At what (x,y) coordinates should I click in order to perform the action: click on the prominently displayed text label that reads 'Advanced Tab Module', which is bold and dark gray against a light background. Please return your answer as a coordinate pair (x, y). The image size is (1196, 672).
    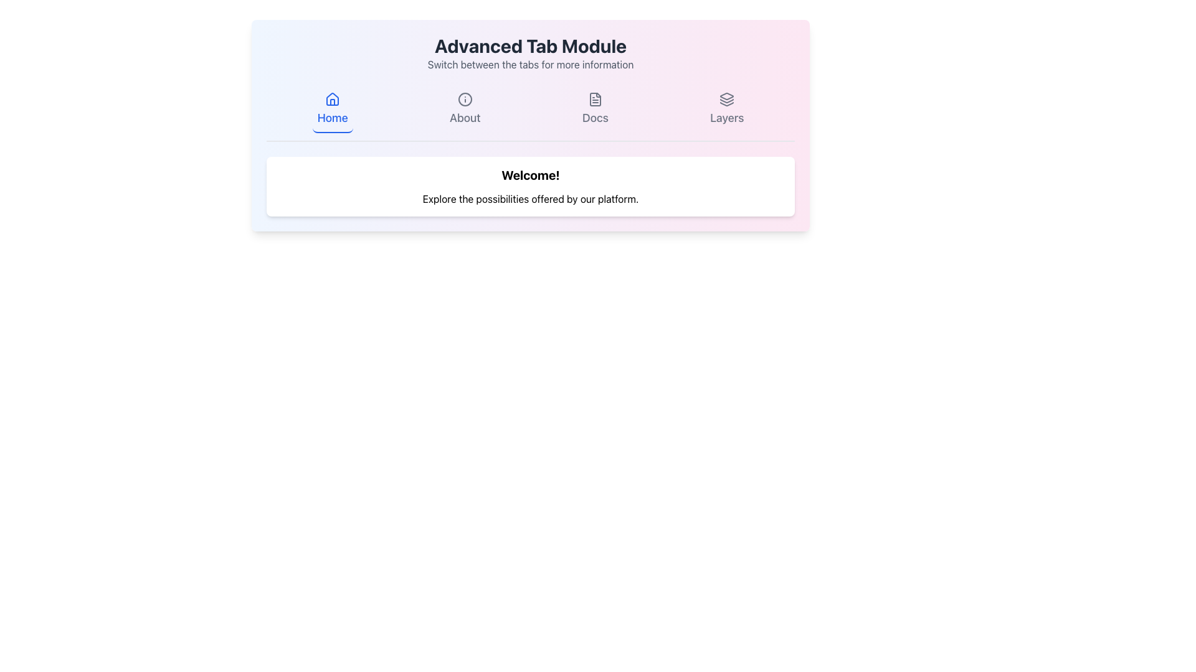
    Looking at the image, I should click on (530, 45).